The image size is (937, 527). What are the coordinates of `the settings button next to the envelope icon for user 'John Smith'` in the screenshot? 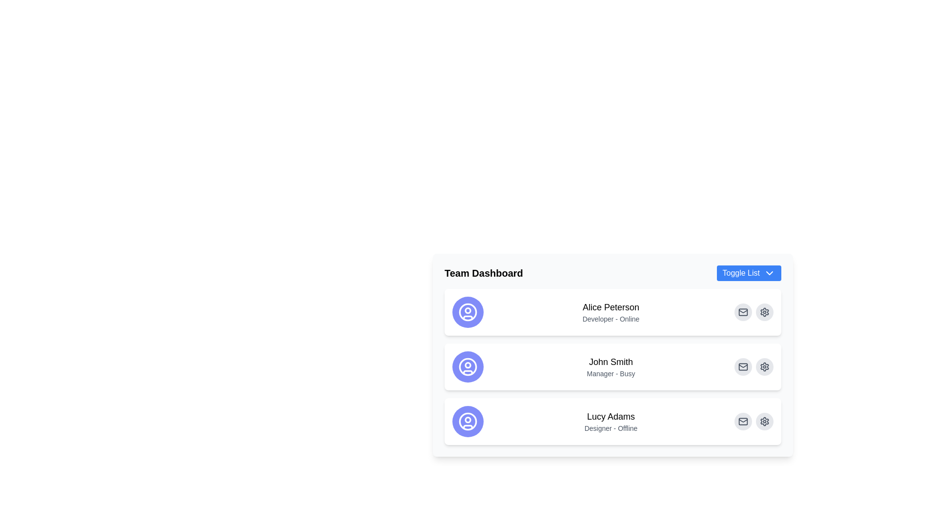 It's located at (764, 367).